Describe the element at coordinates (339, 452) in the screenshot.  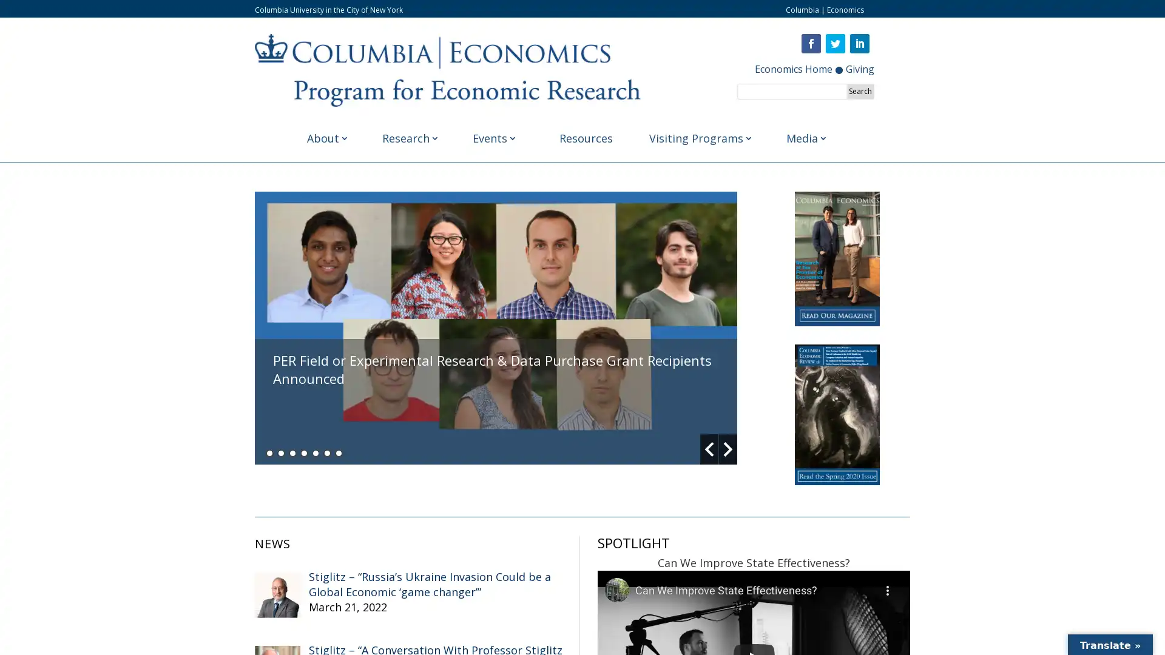
I see `7` at that location.